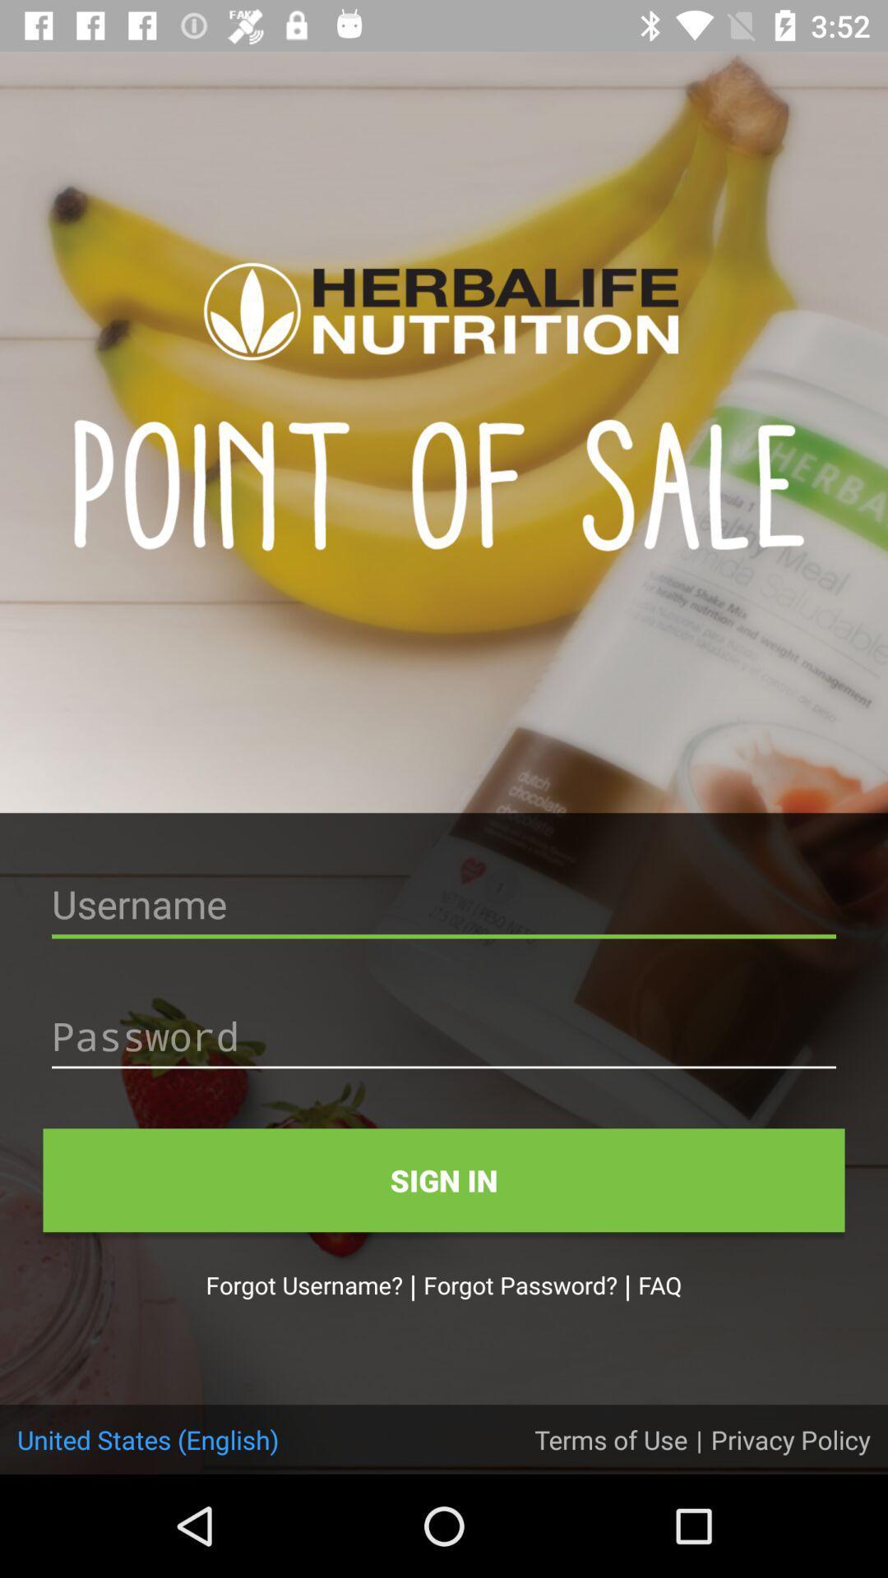  Describe the element at coordinates (444, 1179) in the screenshot. I see `the sign in` at that location.